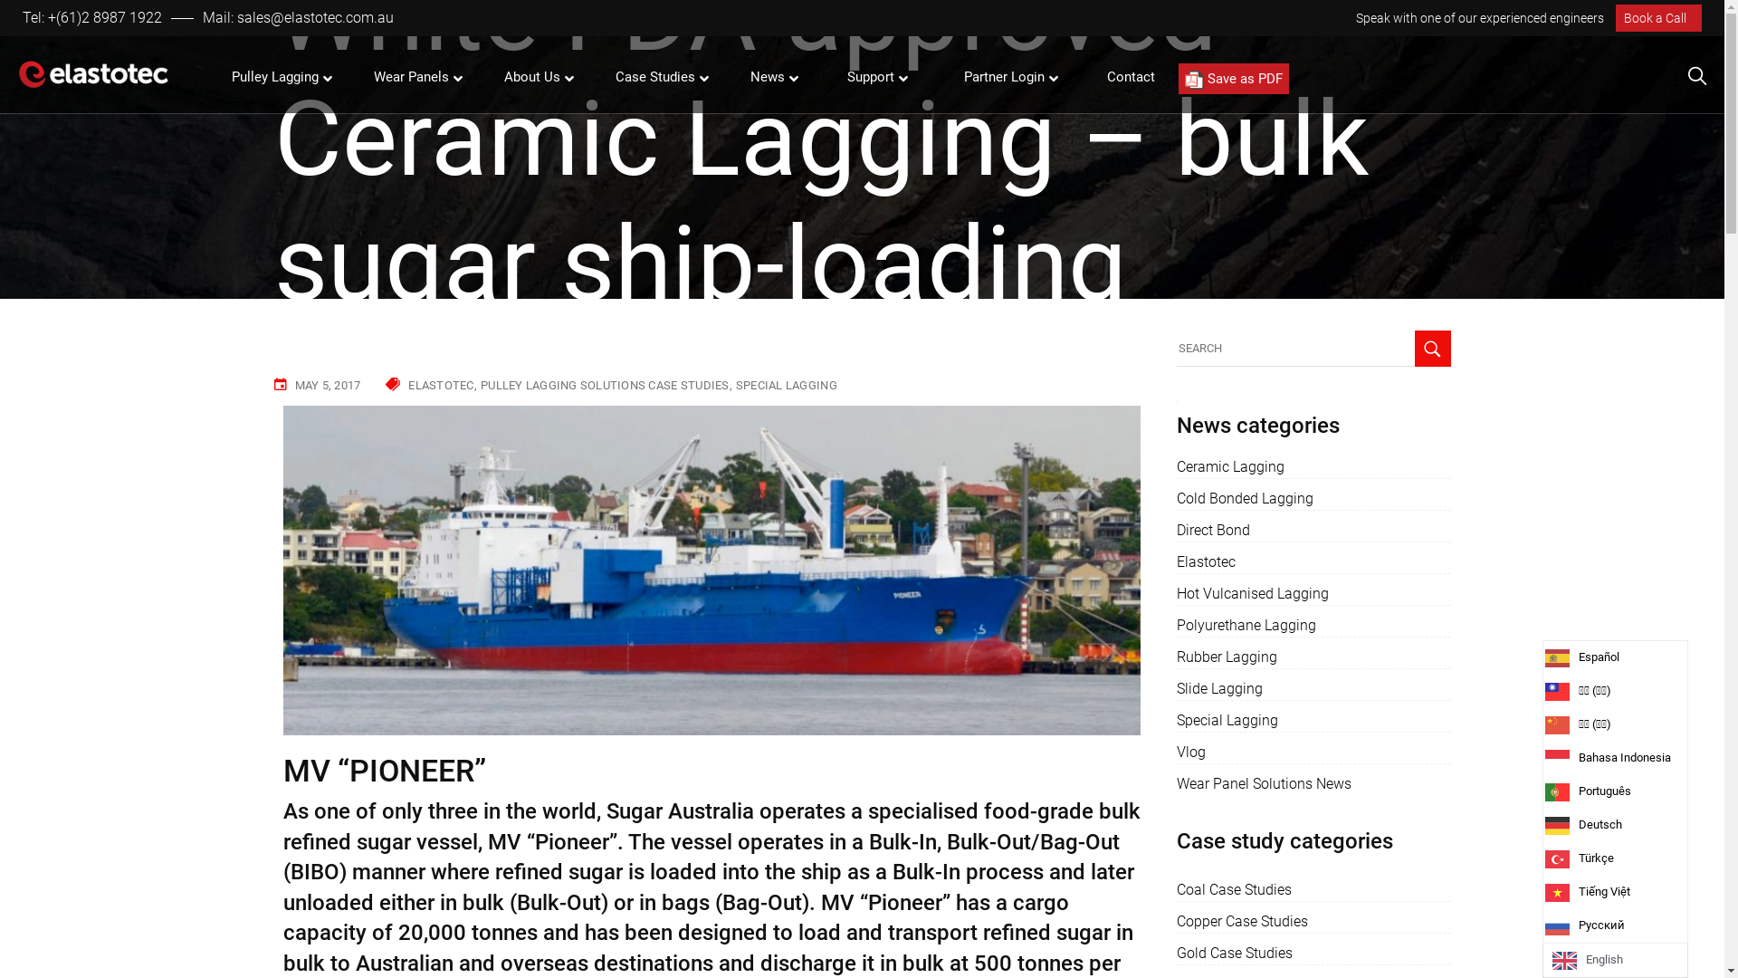 The width and height of the screenshot is (1738, 978). I want to click on 'Coal Case Studies', so click(1177, 889).